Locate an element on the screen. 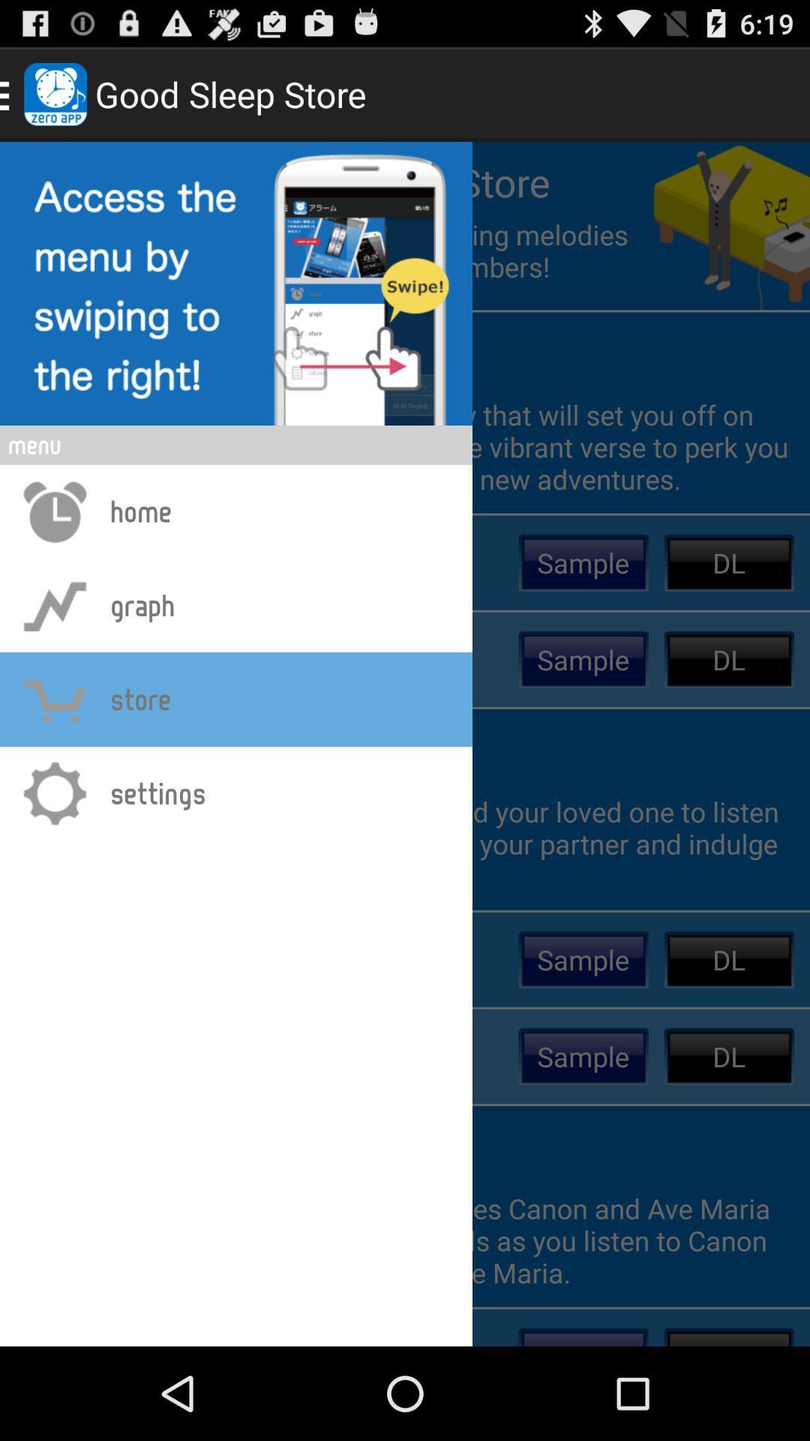 Image resolution: width=810 pixels, height=1441 pixels. the dl option below the word indulge is located at coordinates (728, 958).